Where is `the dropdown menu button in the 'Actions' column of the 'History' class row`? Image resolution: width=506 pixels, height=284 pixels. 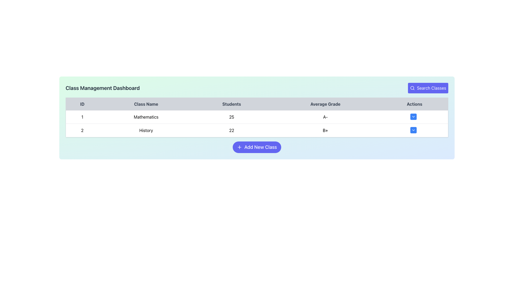 the dropdown menu button in the 'Actions' column of the 'History' class row is located at coordinates (414, 130).